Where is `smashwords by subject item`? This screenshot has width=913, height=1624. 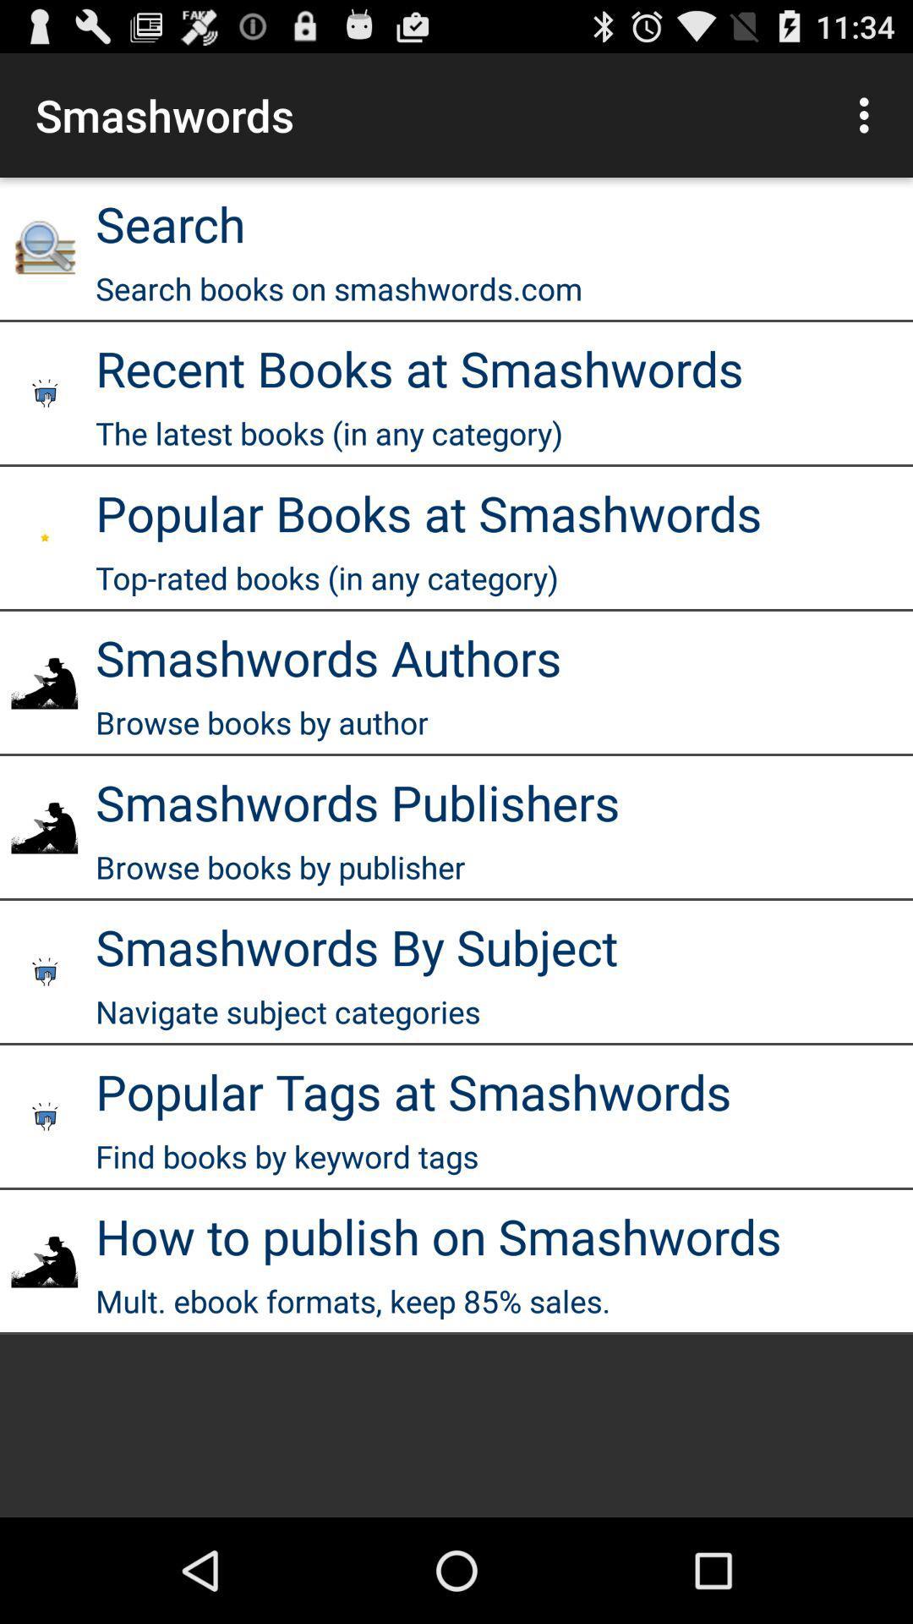 smashwords by subject item is located at coordinates (356, 946).